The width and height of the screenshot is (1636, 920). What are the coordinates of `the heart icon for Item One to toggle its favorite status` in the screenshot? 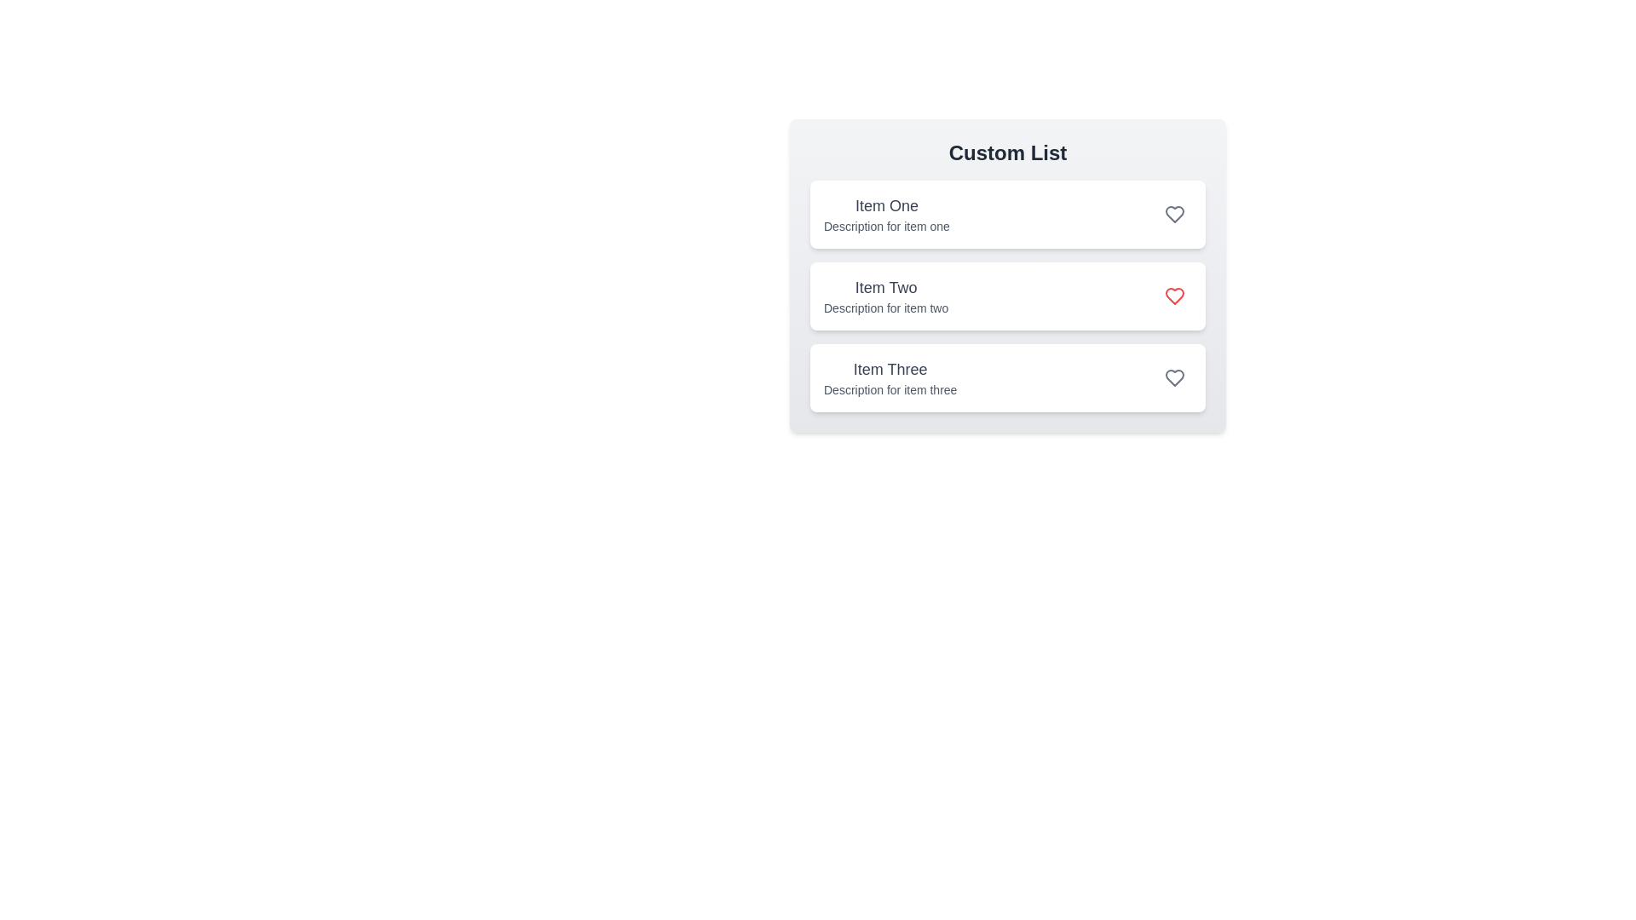 It's located at (1173, 213).